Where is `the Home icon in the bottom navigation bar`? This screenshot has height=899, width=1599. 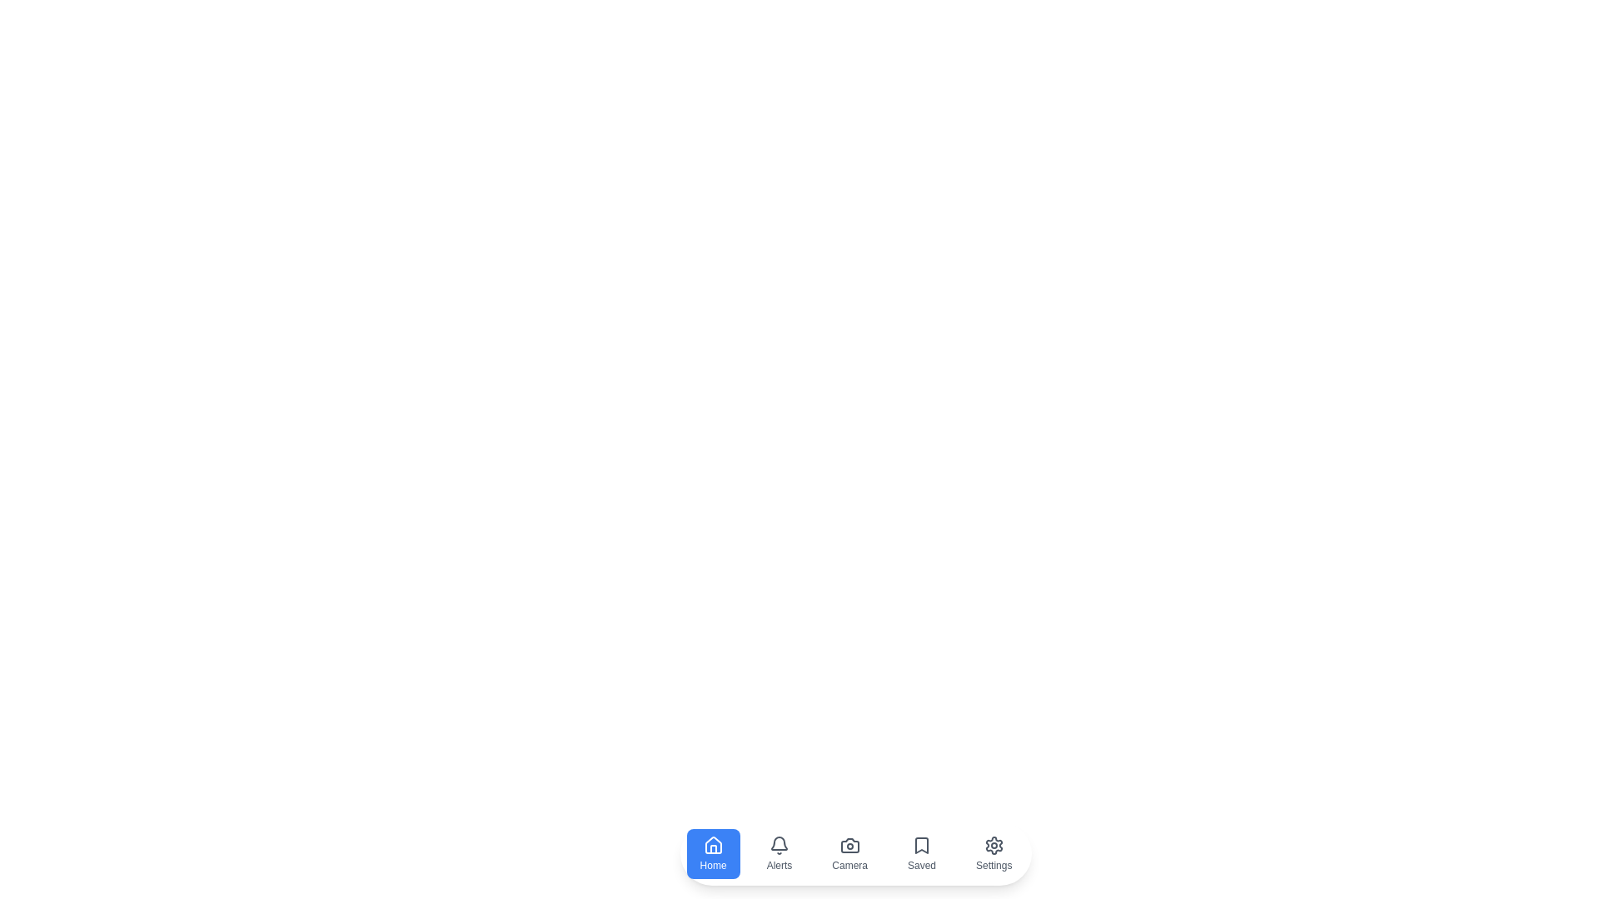 the Home icon in the bottom navigation bar is located at coordinates (712, 854).